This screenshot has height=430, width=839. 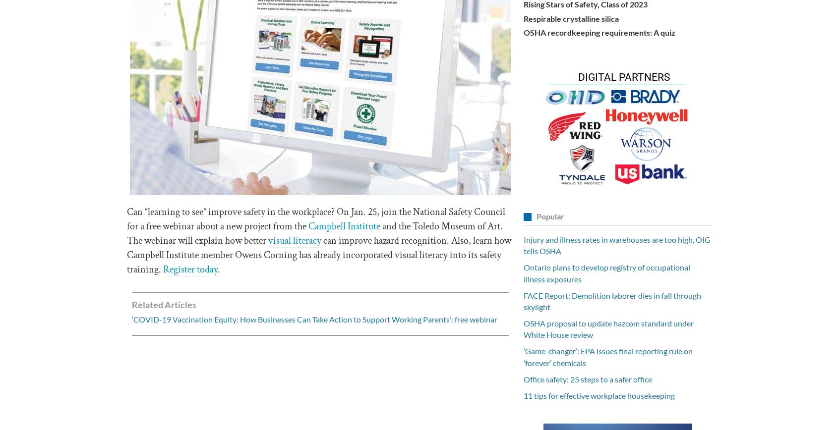 I want to click on '‘COVID-19 Vaccination Equity: How Businesses Can Take Action to Support Working Parents’: free webinar', so click(x=314, y=319).